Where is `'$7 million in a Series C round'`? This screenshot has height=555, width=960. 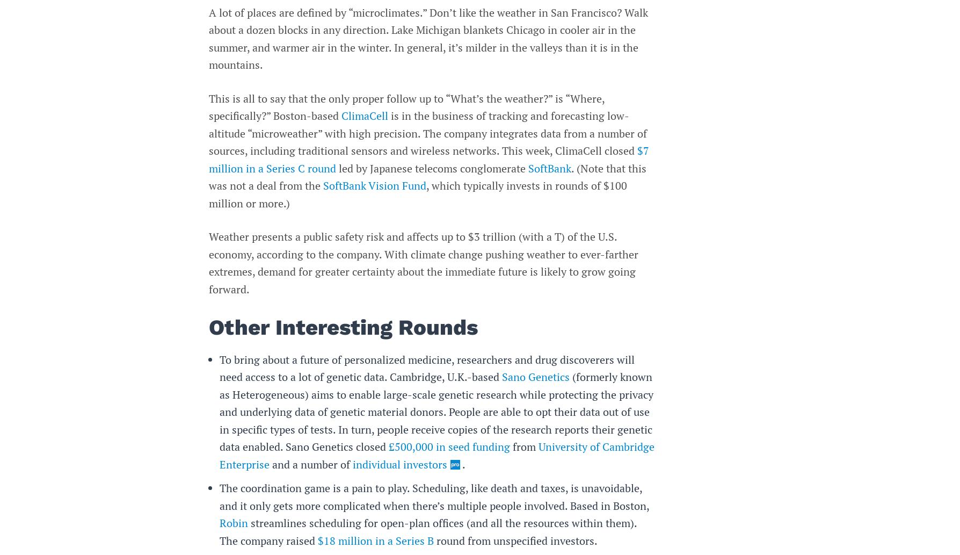
'$7 million in a Series C round' is located at coordinates (428, 158).